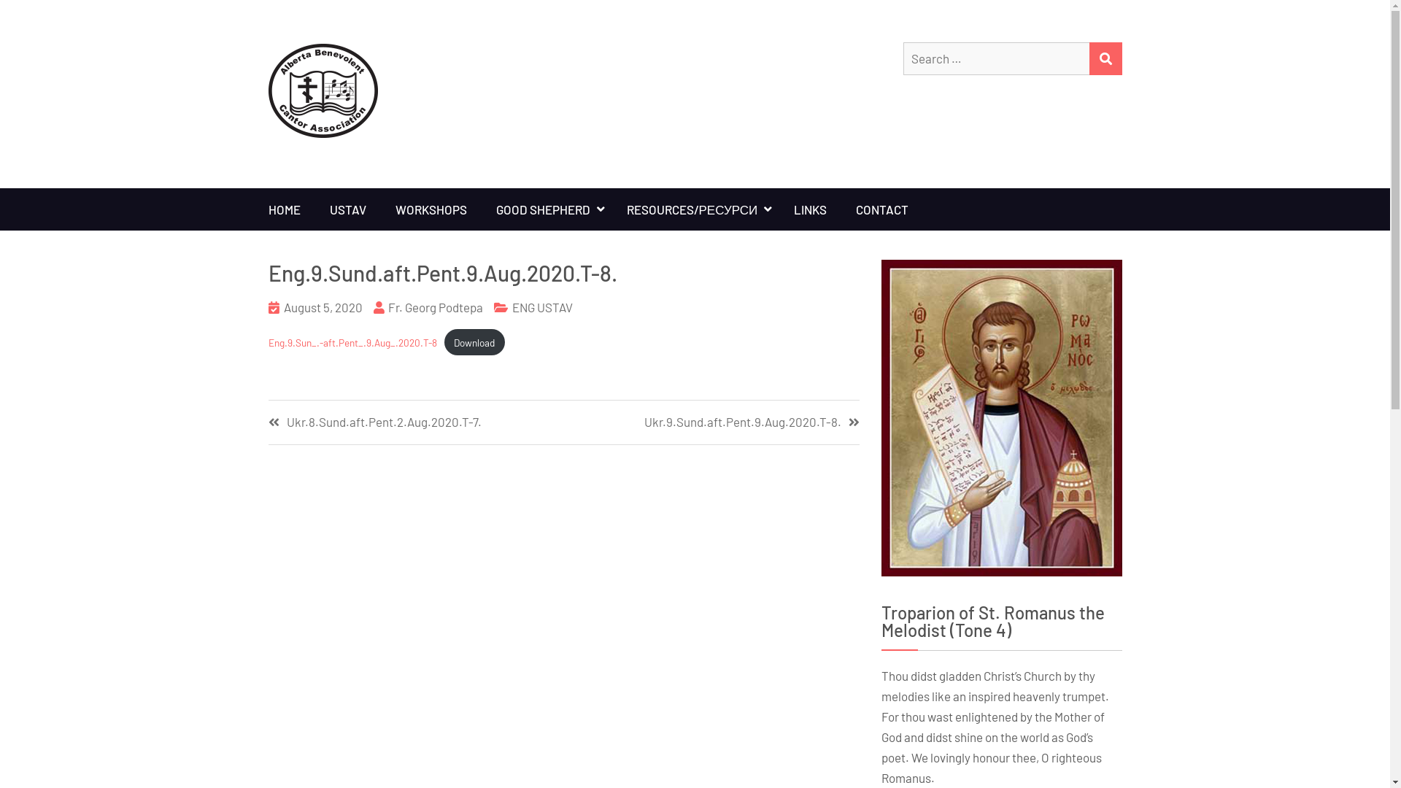 Image resolution: width=1401 pixels, height=788 pixels. I want to click on 'August 5, 2020', so click(321, 306).